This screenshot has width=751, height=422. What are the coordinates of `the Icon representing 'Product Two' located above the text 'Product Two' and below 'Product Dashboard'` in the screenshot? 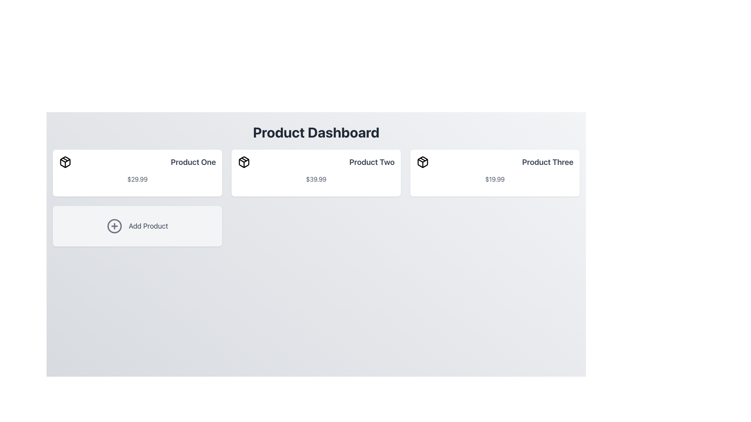 It's located at (244, 162).